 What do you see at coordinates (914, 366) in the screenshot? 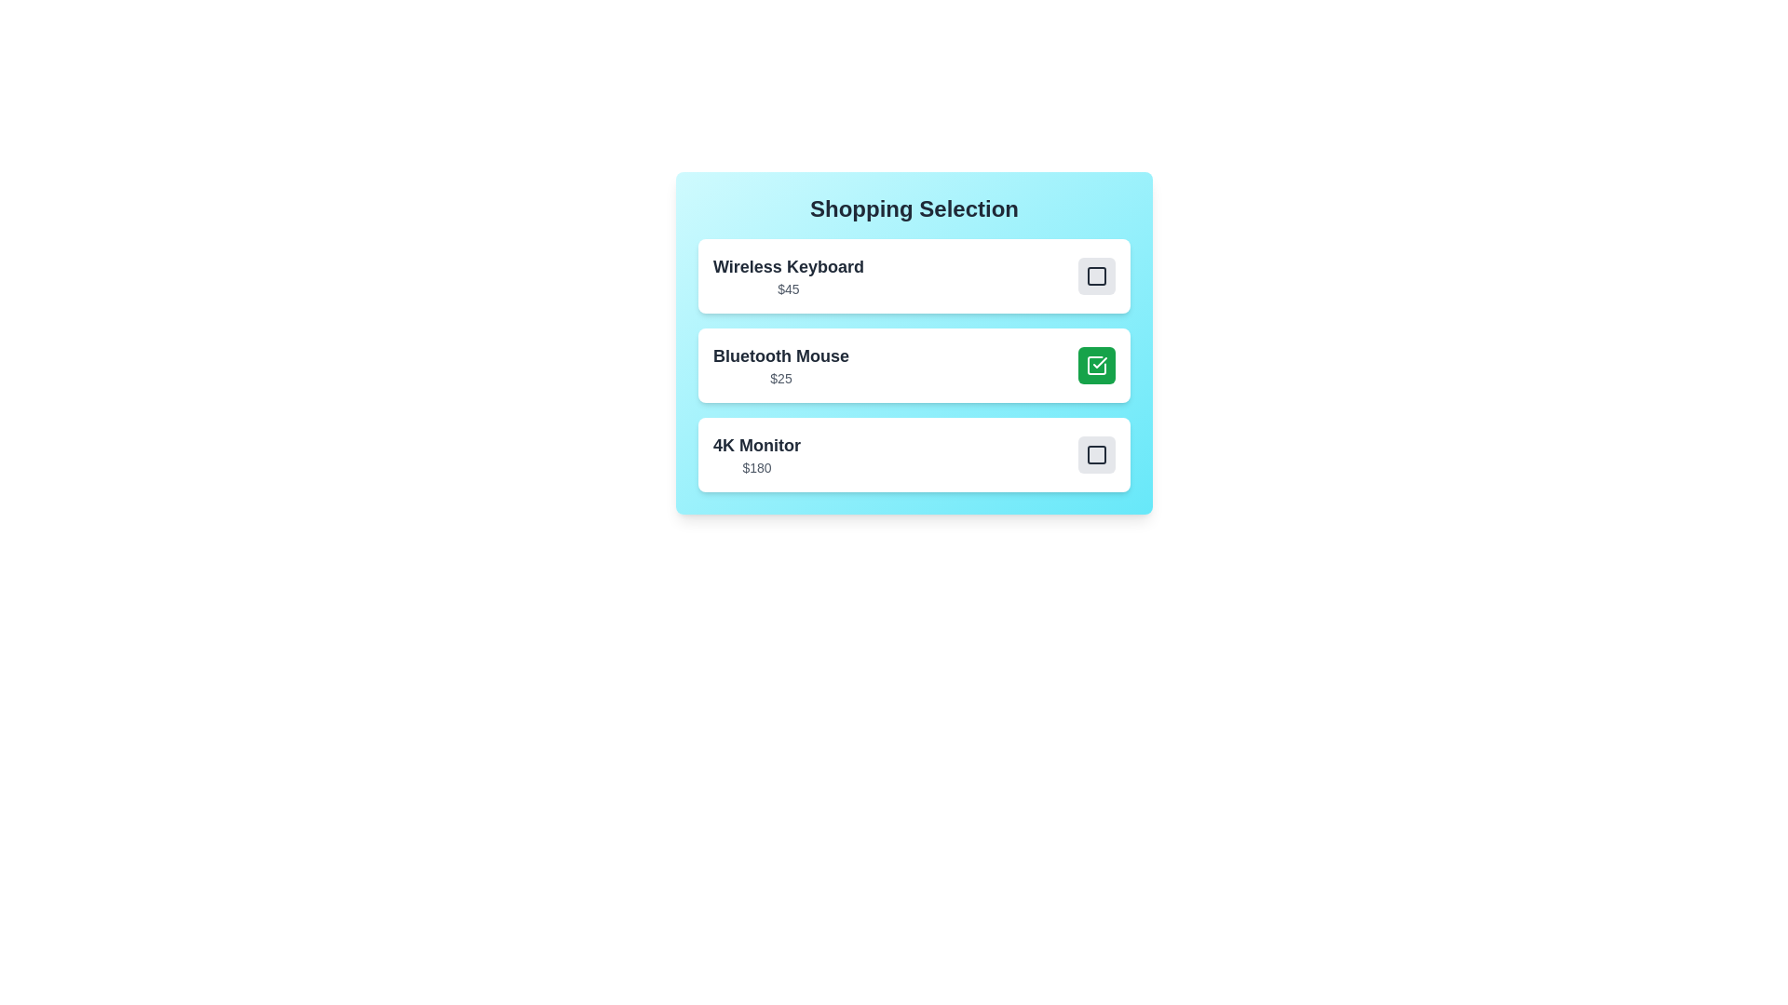
I see `the product listing item titled 'Bluetooth Mouse' priced at '$25'` at bounding box center [914, 366].